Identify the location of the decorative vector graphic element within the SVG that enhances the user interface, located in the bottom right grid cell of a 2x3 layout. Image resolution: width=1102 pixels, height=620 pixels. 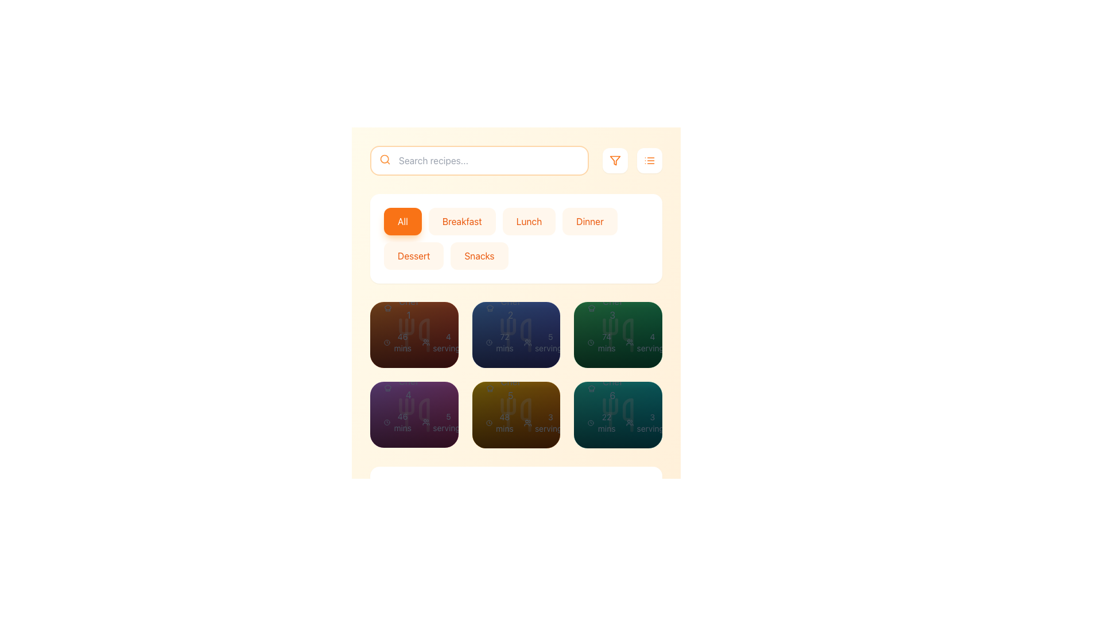
(508, 406).